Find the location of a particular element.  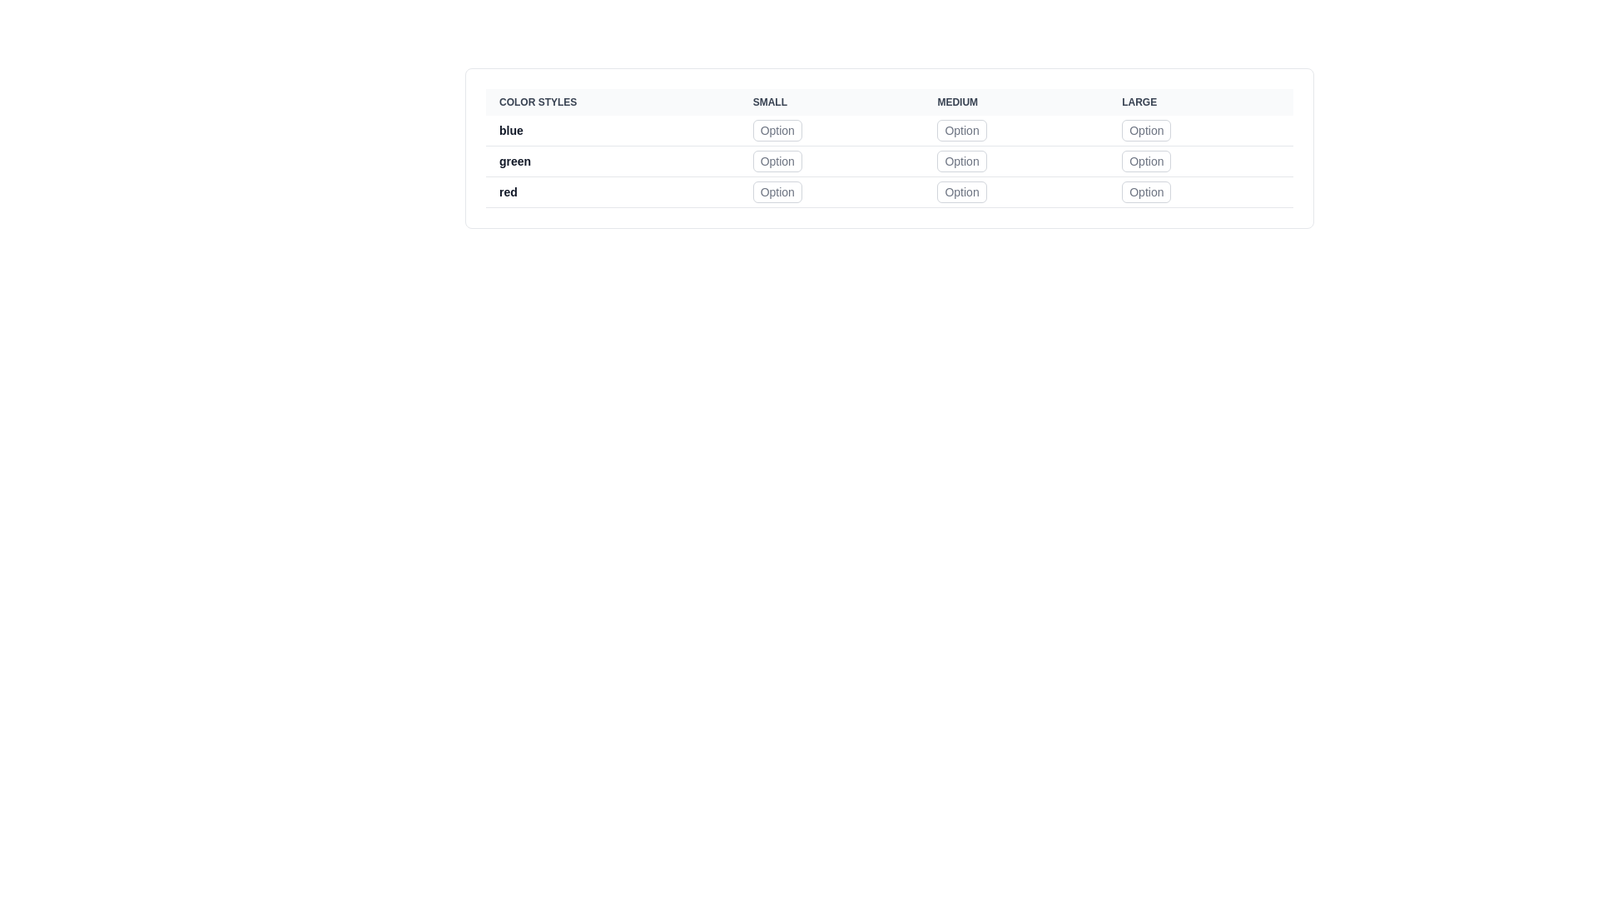

the 'red' color category label in the third row of the table, which is located to the left of the 'Option' buttons is located at coordinates (612, 191).